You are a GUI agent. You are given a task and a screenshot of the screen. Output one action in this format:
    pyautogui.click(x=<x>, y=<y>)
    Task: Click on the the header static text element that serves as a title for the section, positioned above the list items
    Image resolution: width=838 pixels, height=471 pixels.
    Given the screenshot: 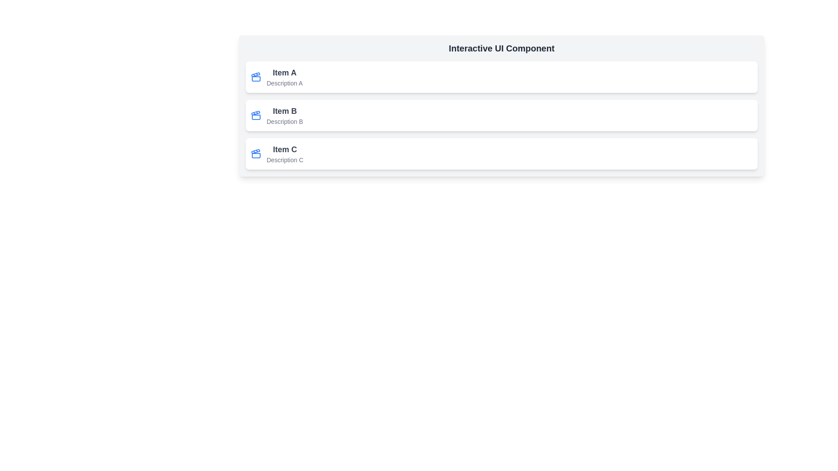 What is the action you would take?
    pyautogui.click(x=501, y=48)
    